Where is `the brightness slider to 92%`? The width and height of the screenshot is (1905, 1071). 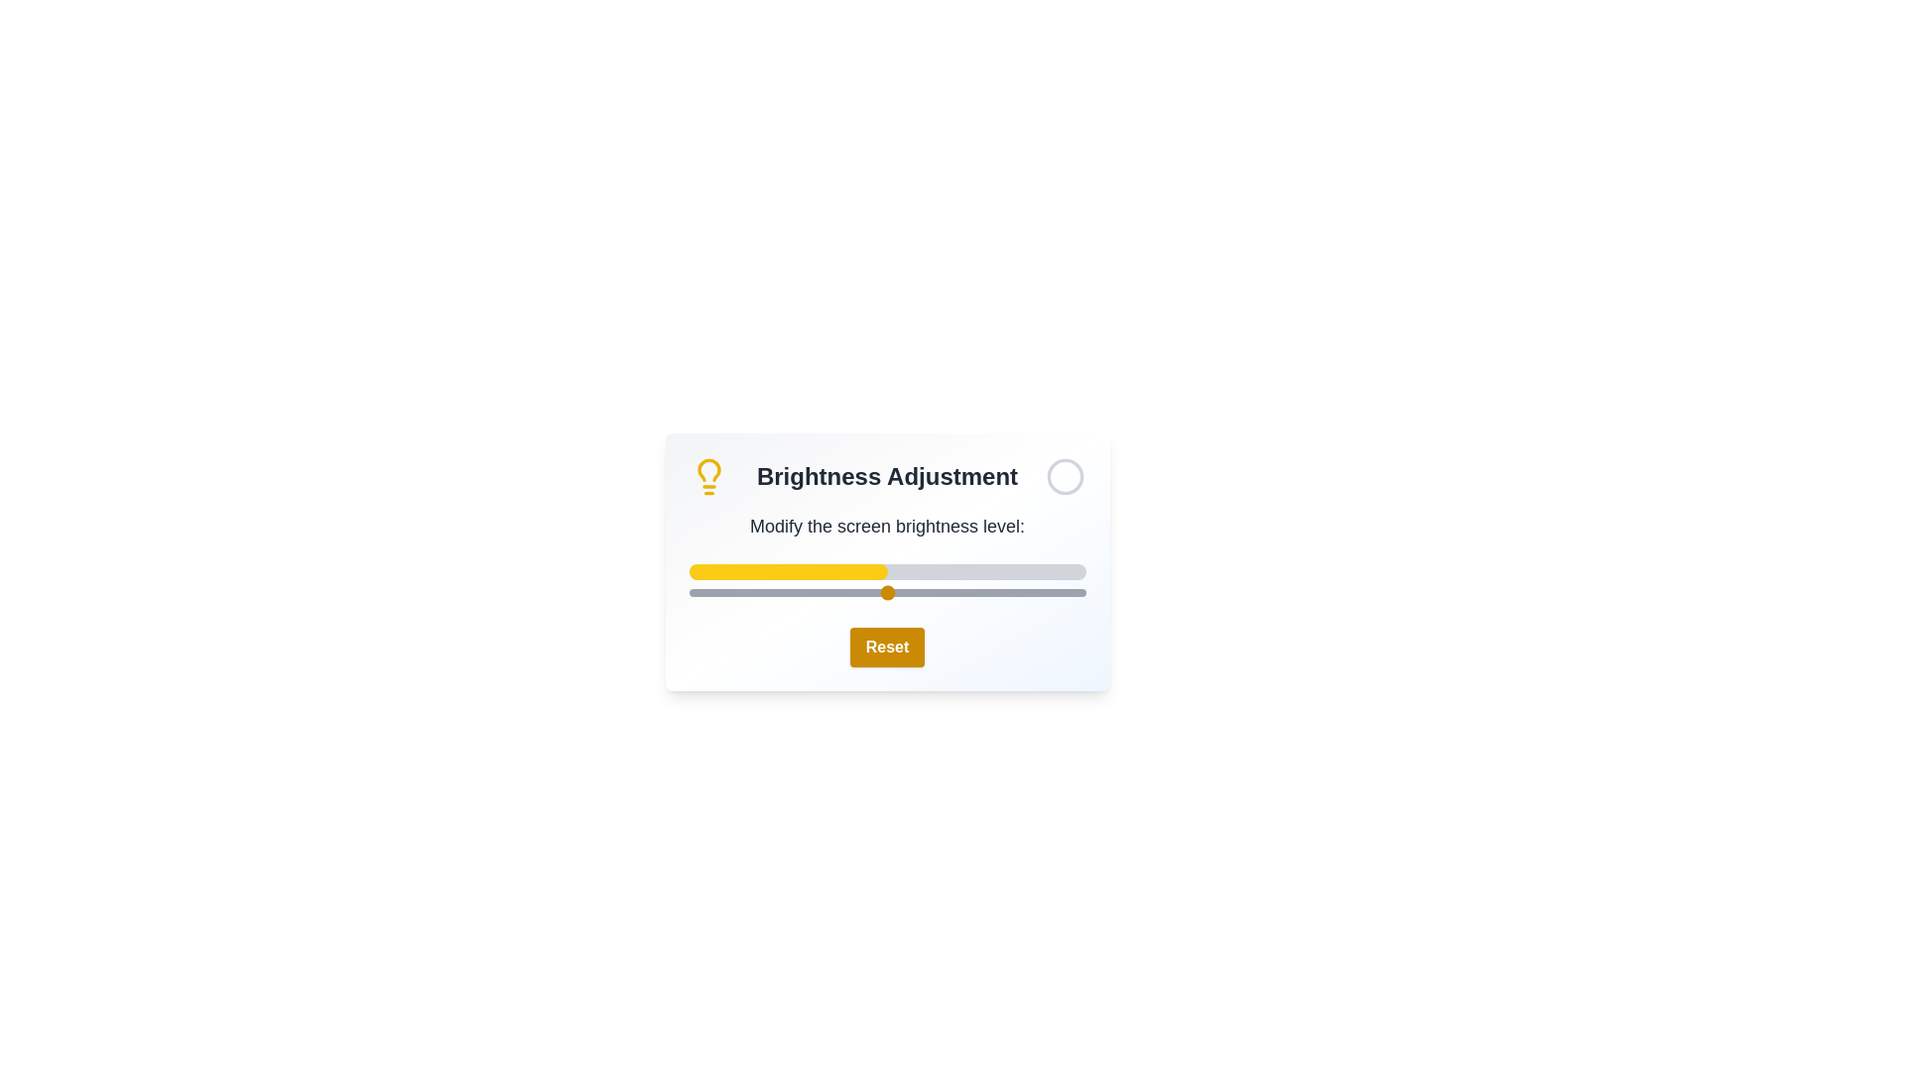
the brightness slider to 92% is located at coordinates (1053, 591).